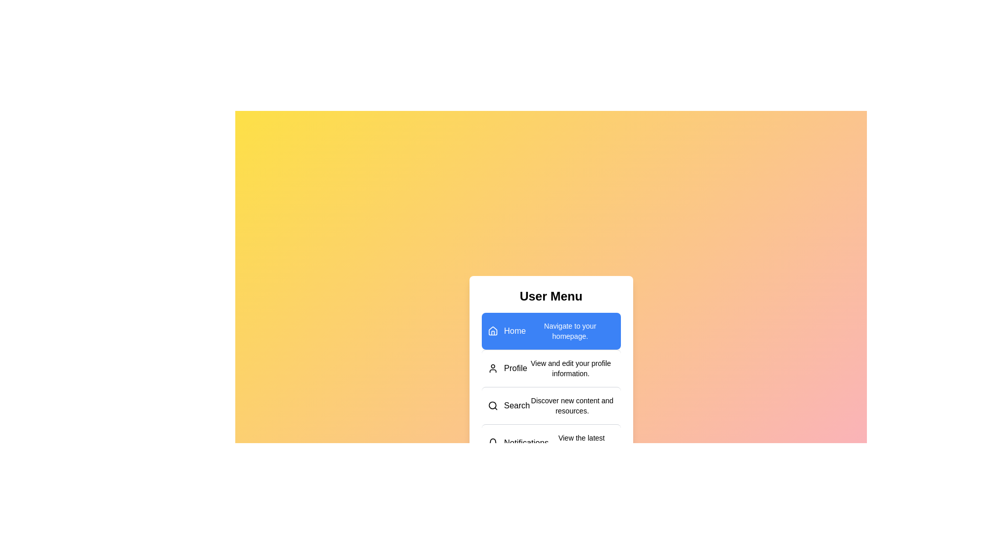 This screenshot has height=552, width=982. What do you see at coordinates (550, 331) in the screenshot?
I see `the menu item labeled Home to change the selected option` at bounding box center [550, 331].